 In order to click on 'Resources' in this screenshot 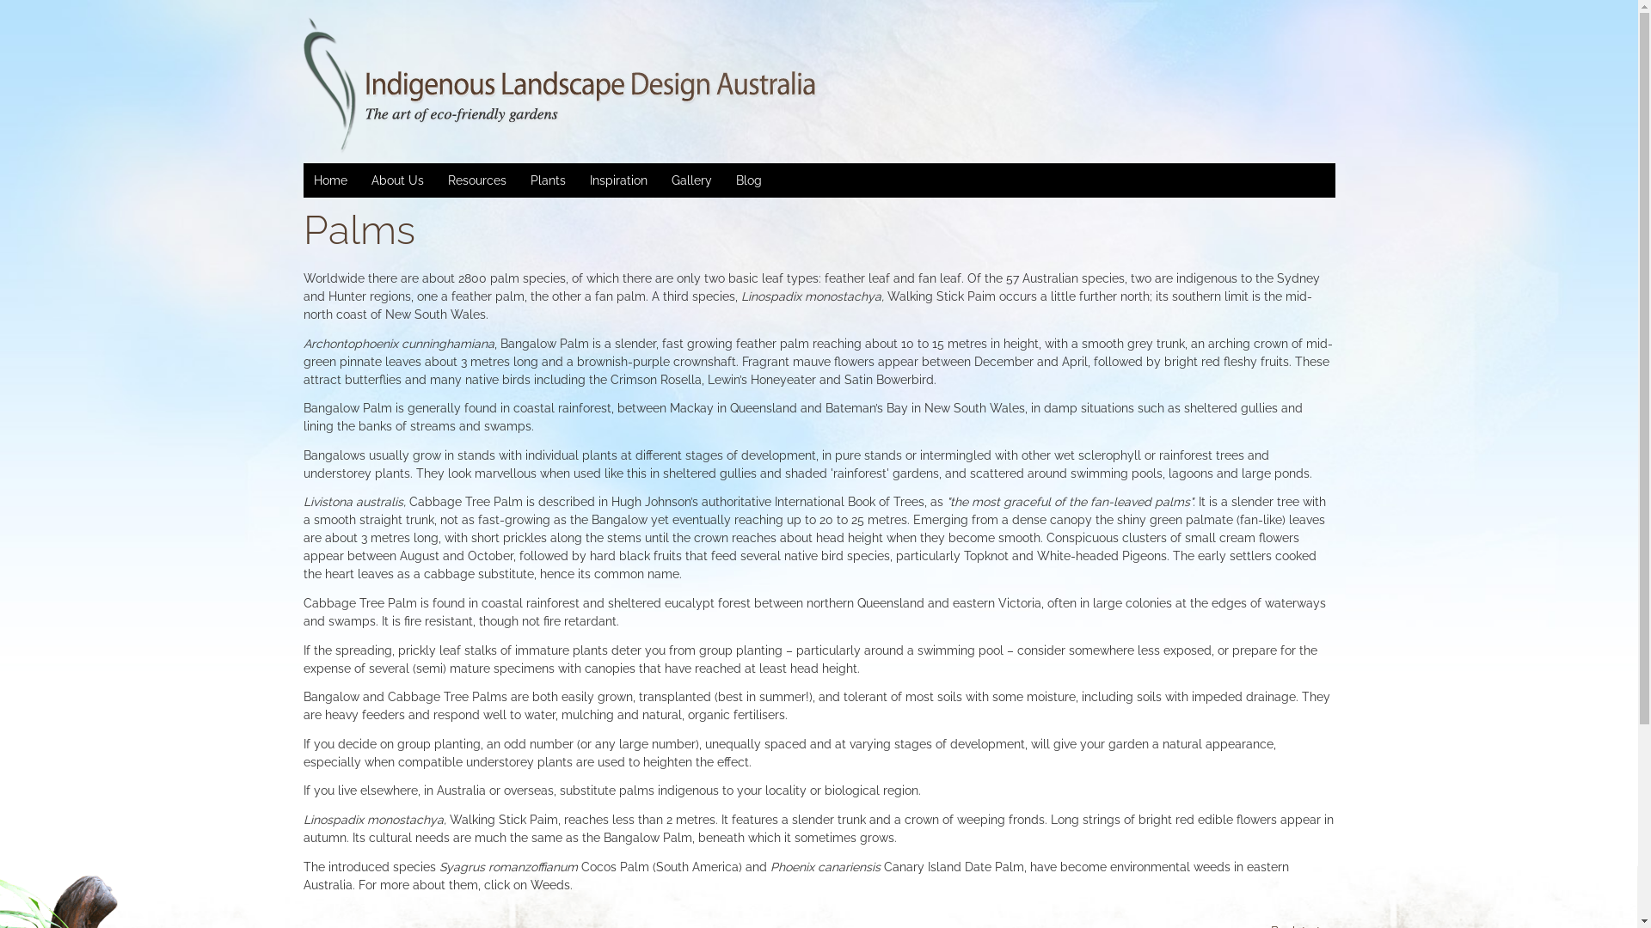, I will do `click(476, 180)`.